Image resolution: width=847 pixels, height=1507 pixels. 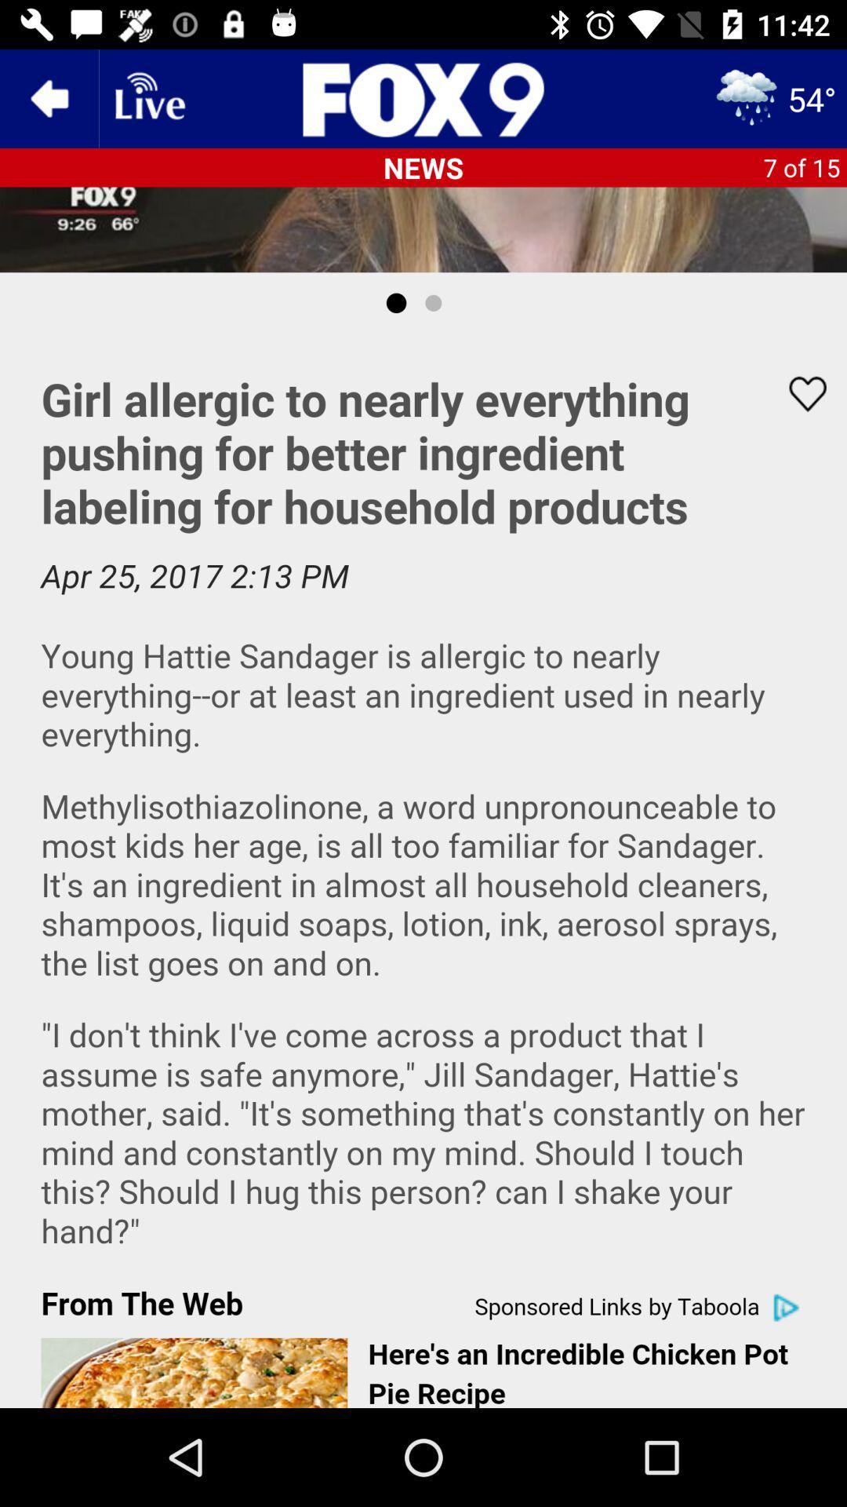 I want to click on description page, so click(x=423, y=870).